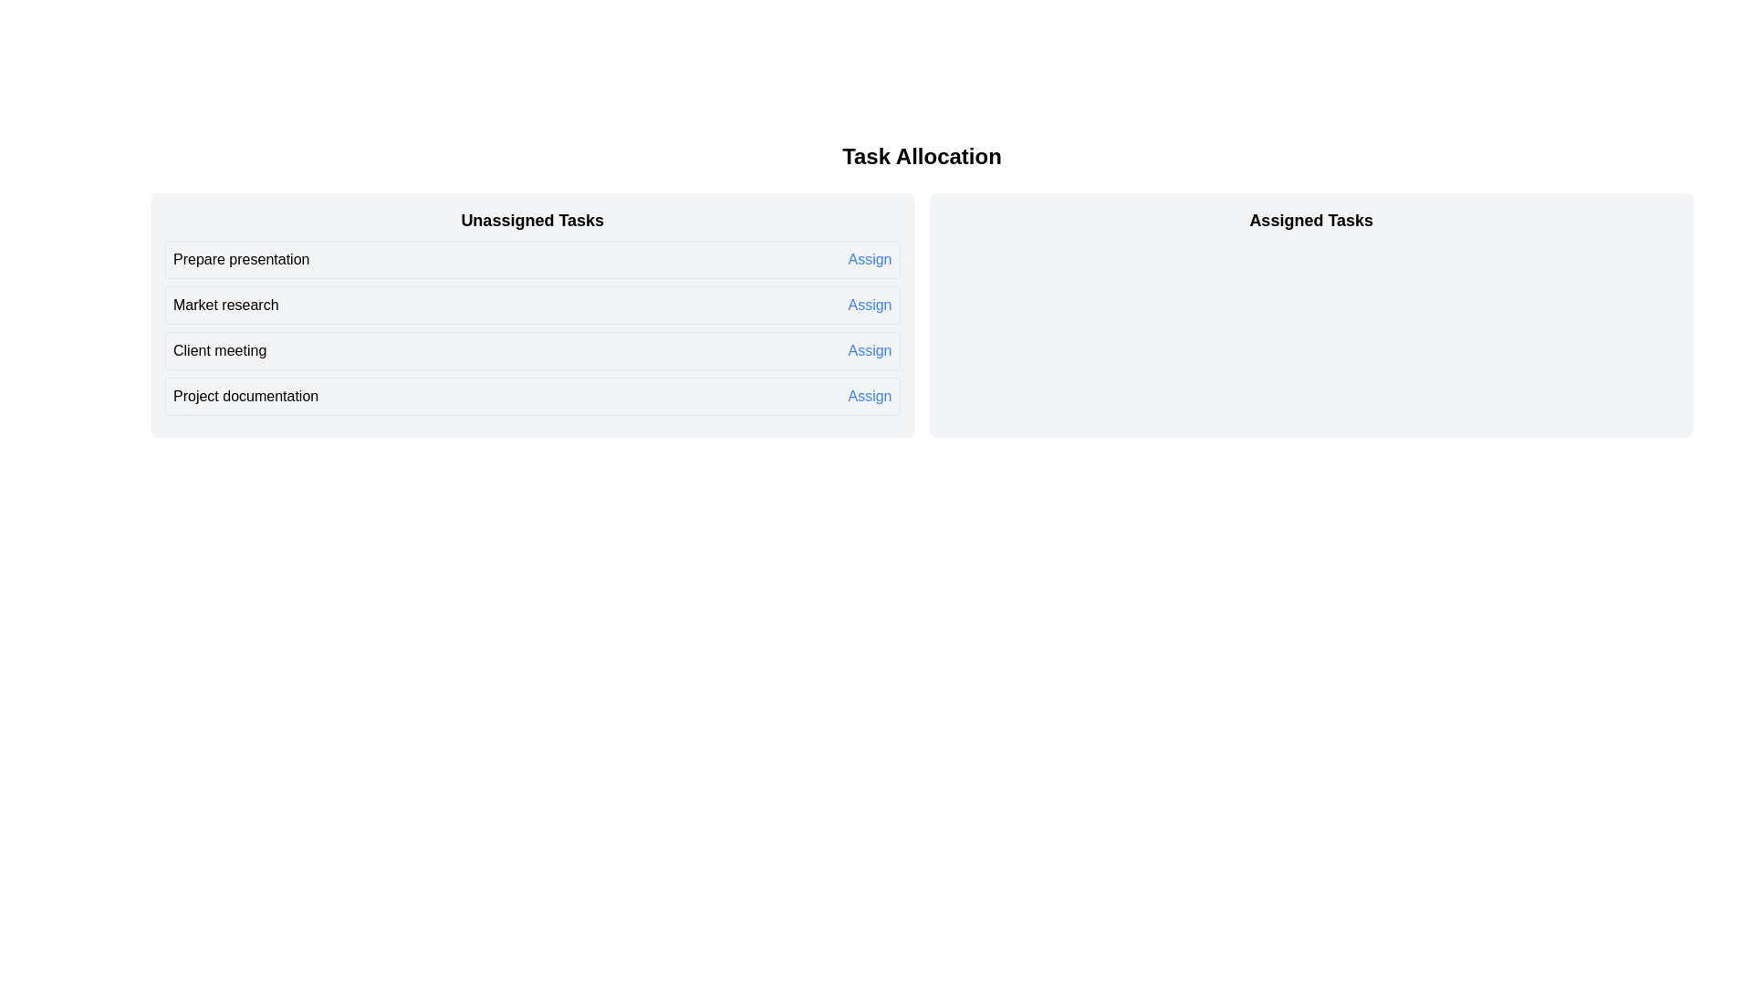 The image size is (1752, 985). Describe the element at coordinates (1310, 220) in the screenshot. I see `the section header text-label component located at the top of the right-hand section of the interface, which indicates the content or functionality presented below it` at that location.